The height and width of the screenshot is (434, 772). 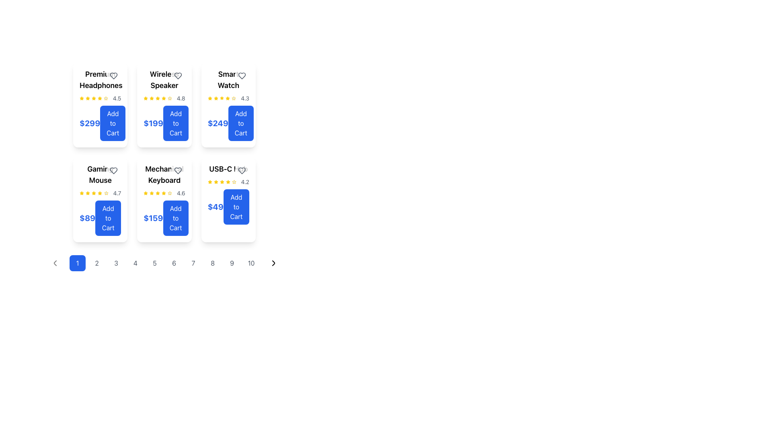 What do you see at coordinates (216, 182) in the screenshot?
I see `the fourth rating star located in the first row of the product grid below the 'Smart Watch' product name` at bounding box center [216, 182].